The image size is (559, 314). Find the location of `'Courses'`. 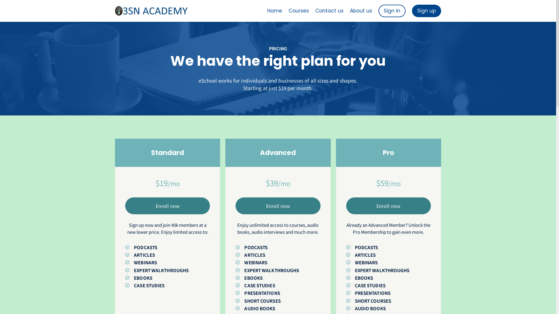

'Courses' is located at coordinates (299, 11).